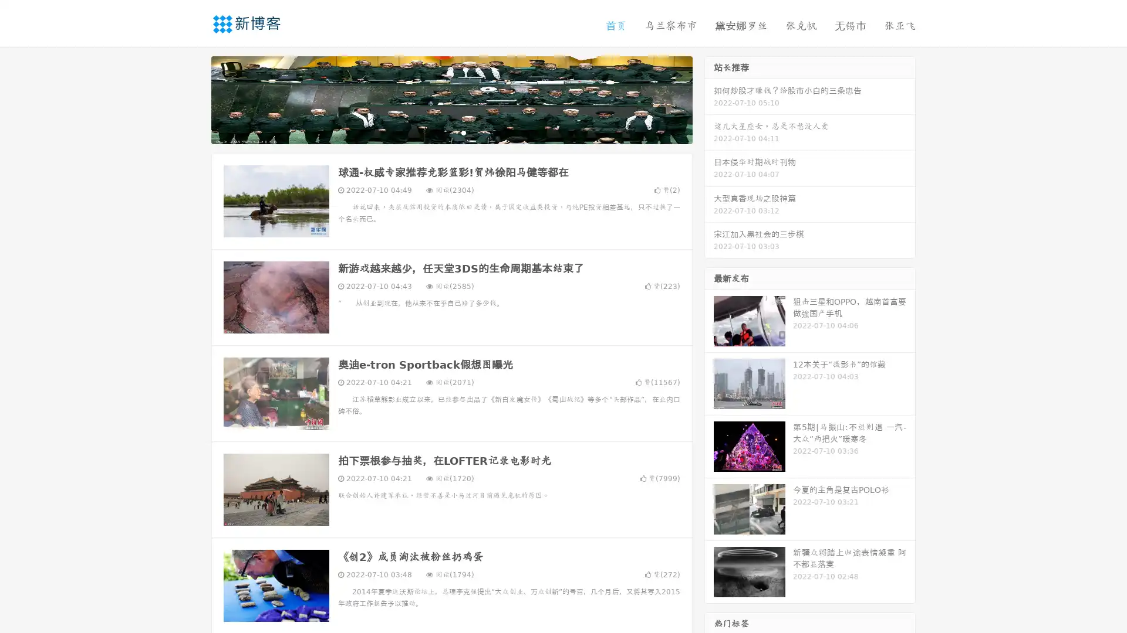 The width and height of the screenshot is (1127, 633). Describe the element at coordinates (451, 132) in the screenshot. I see `Go to slide 2` at that location.